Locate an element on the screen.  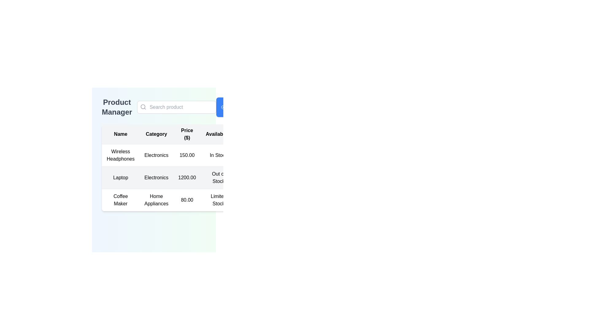
the search icon (magnifying glass) located inside the text input field with the placeholder 'Search product' in the top section of the interface is located at coordinates (143, 106).